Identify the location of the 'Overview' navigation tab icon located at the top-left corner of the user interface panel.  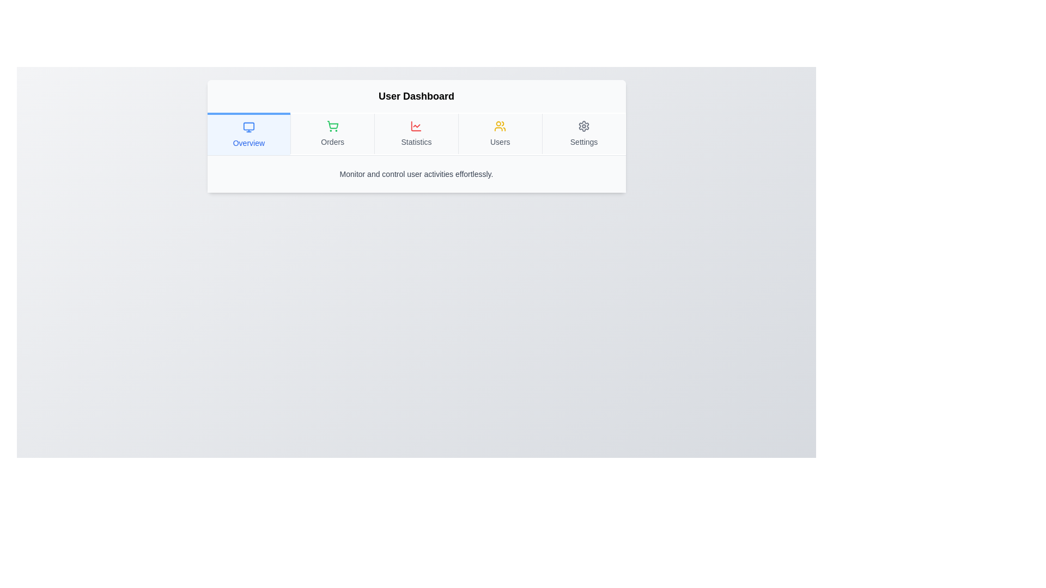
(248, 126).